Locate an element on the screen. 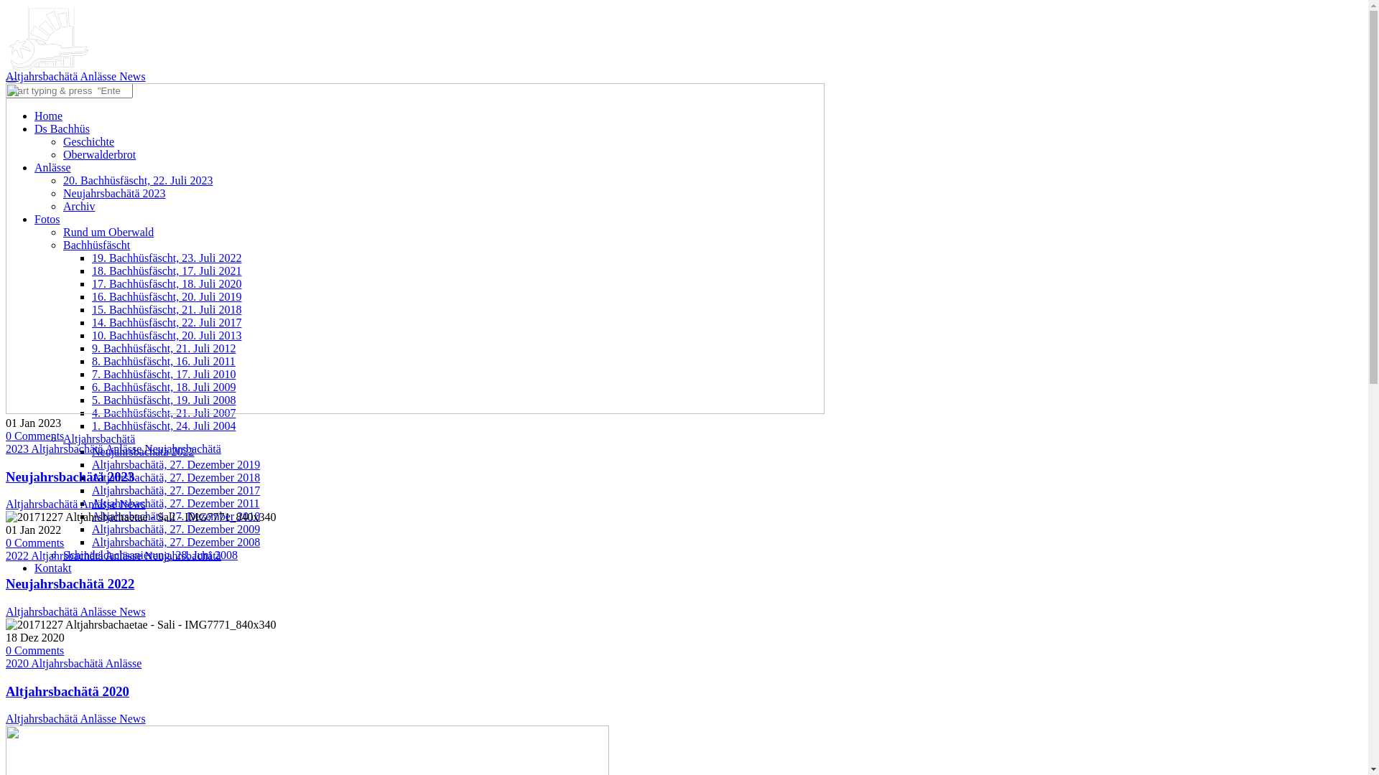 This screenshot has width=1379, height=775. 'Geschichte' is located at coordinates (88, 141).